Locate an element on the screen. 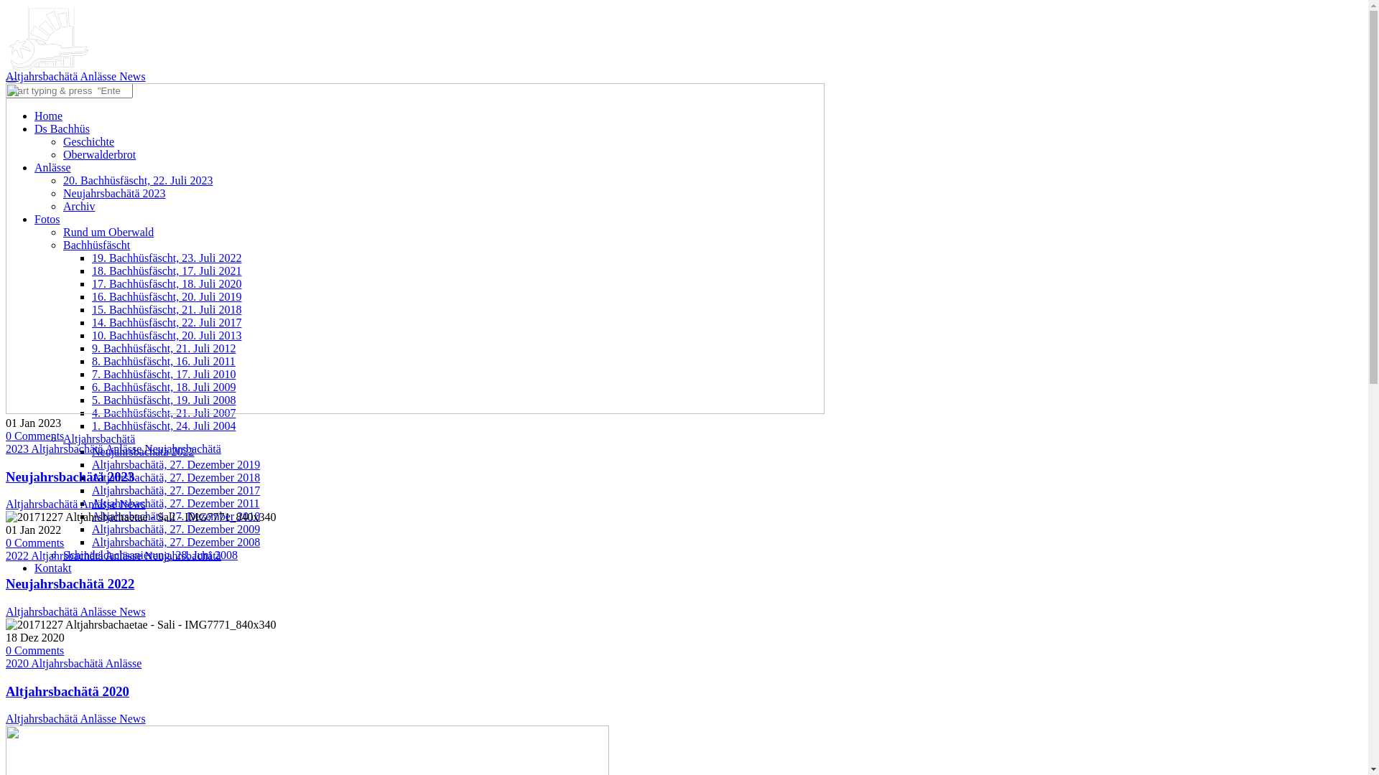 This screenshot has width=1379, height=775. 'Geschichte' is located at coordinates (88, 141).